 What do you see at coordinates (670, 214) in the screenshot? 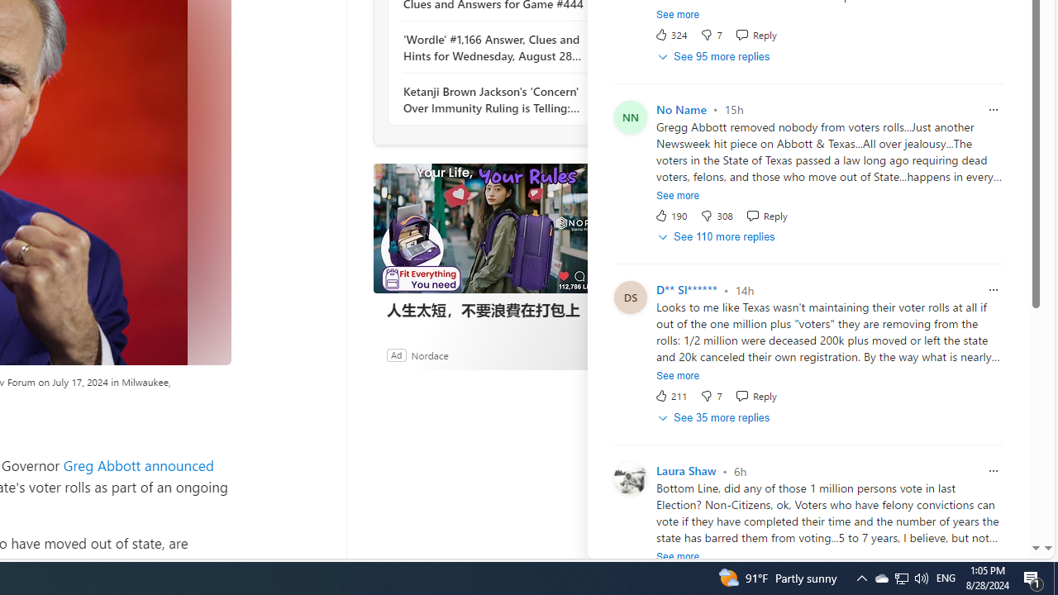
I see `'190 Like'` at bounding box center [670, 214].